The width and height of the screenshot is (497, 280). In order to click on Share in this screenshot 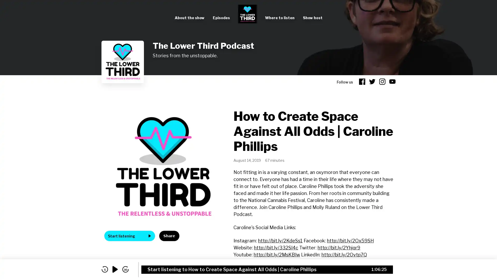, I will do `click(169, 236)`.